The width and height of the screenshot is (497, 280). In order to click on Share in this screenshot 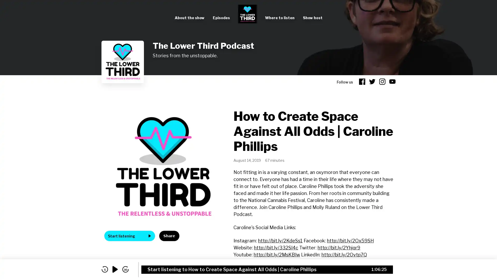, I will do `click(169, 236)`.